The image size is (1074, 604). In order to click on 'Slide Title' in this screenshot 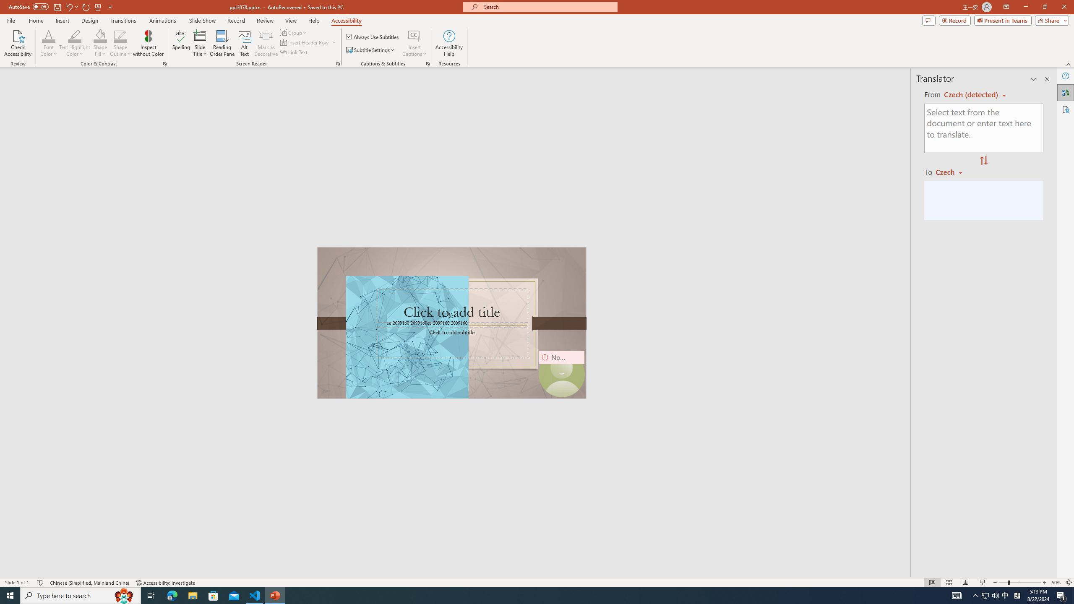, I will do `click(200, 43)`.